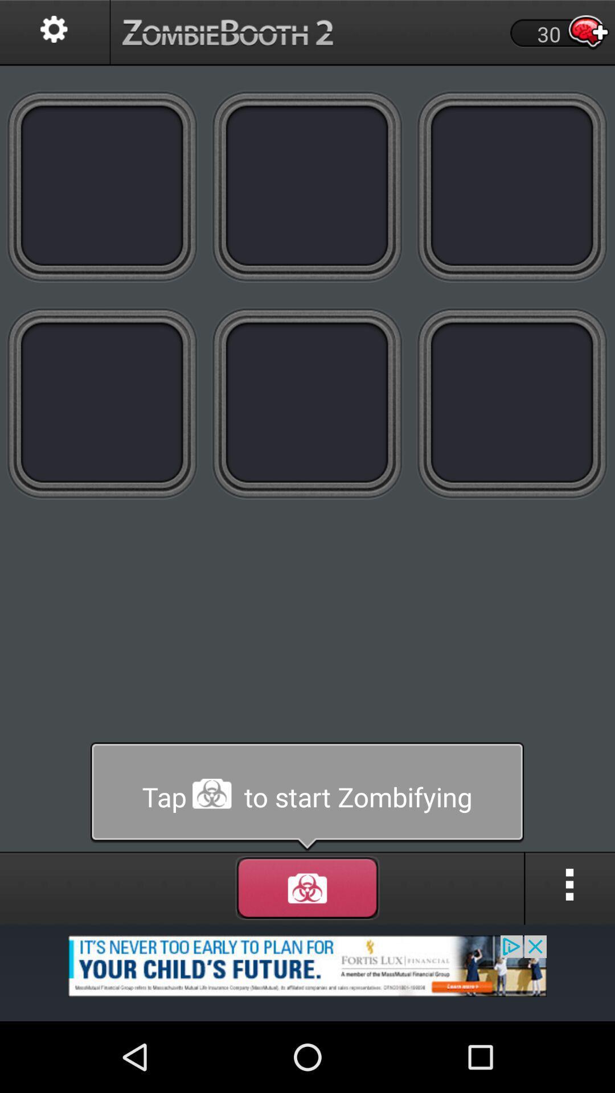 Image resolution: width=615 pixels, height=1093 pixels. What do you see at coordinates (307, 186) in the screenshot?
I see `colors page` at bounding box center [307, 186].